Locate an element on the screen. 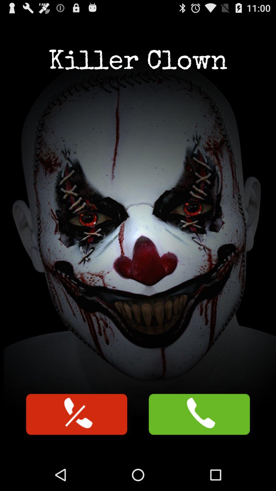  hang up is located at coordinates (77, 414).